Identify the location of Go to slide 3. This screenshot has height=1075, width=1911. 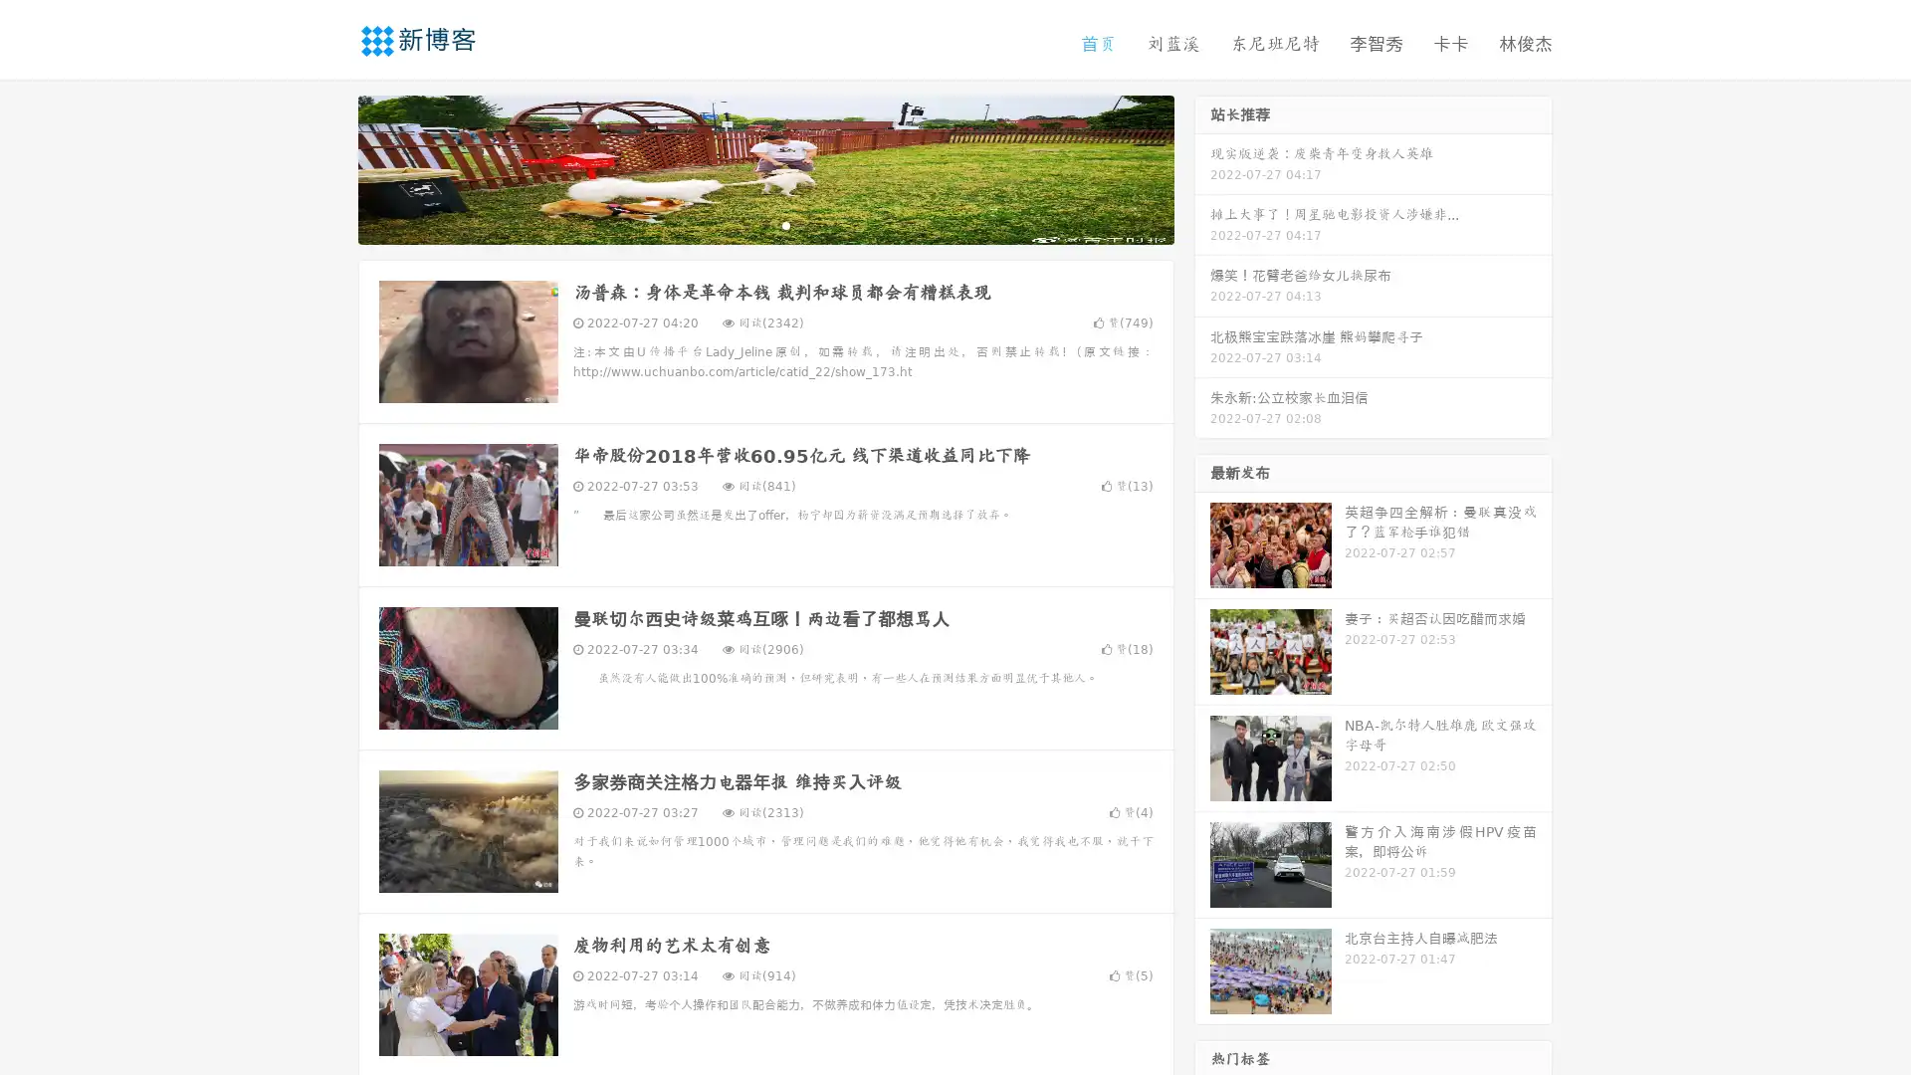
(785, 224).